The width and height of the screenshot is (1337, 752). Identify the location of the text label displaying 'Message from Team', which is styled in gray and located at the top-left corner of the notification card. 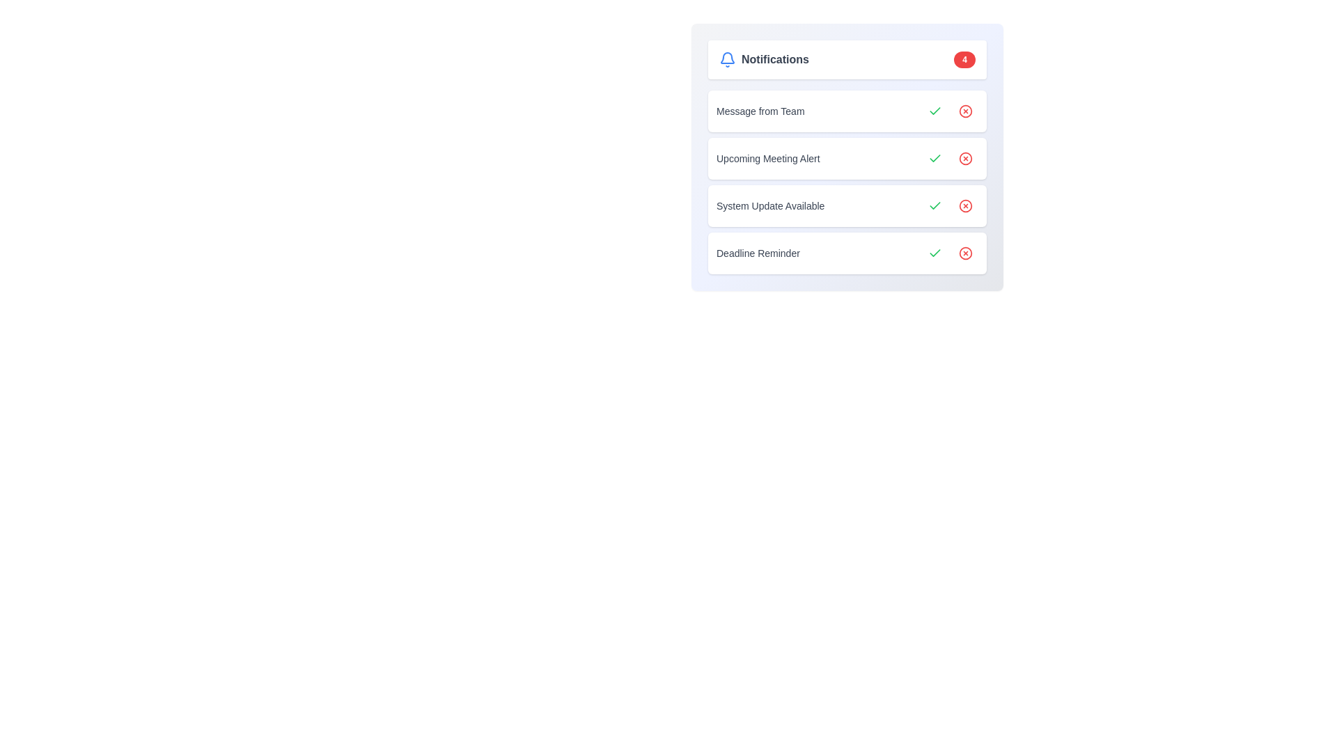
(760, 110).